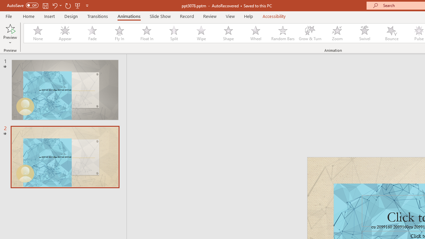 The width and height of the screenshot is (425, 239). Describe the element at coordinates (310, 33) in the screenshot. I see `'Grow & Turn'` at that location.